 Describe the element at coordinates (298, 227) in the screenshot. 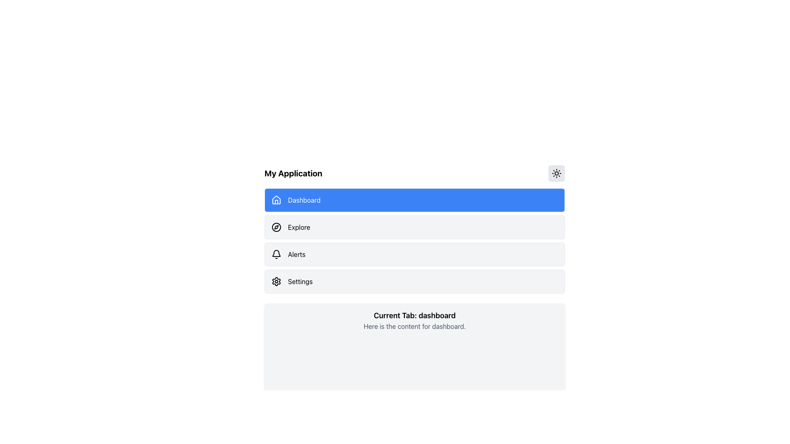

I see `the Text Label that serves as a label for the navigation button, positioned to the right of the icon in a vertical navigation menu` at that location.